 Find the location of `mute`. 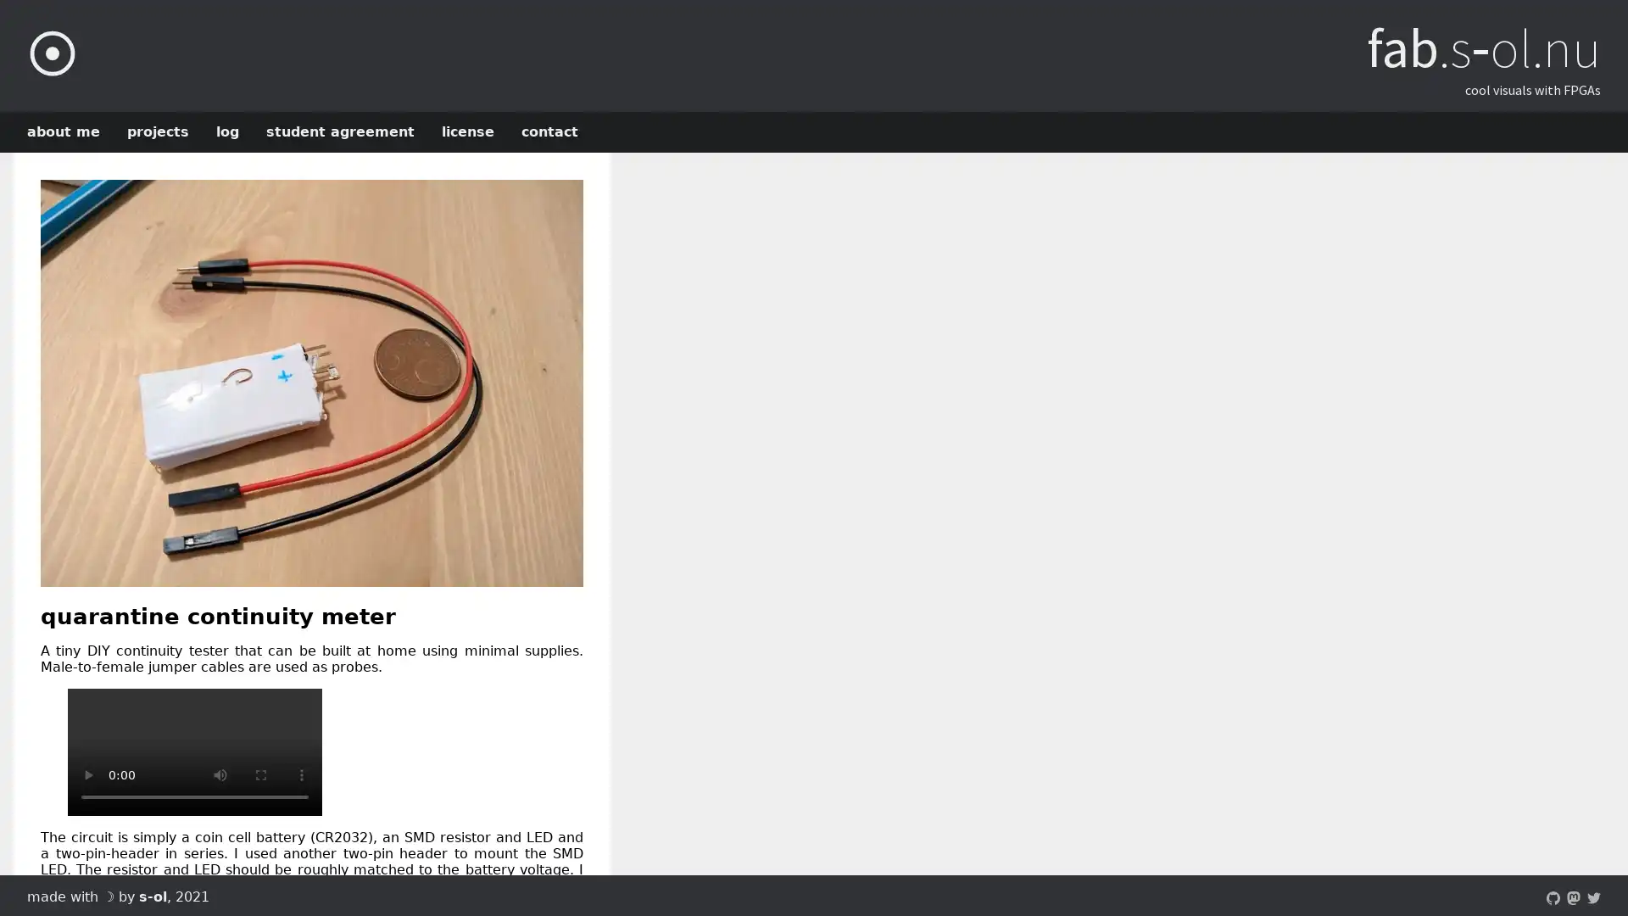

mute is located at coordinates (219, 775).